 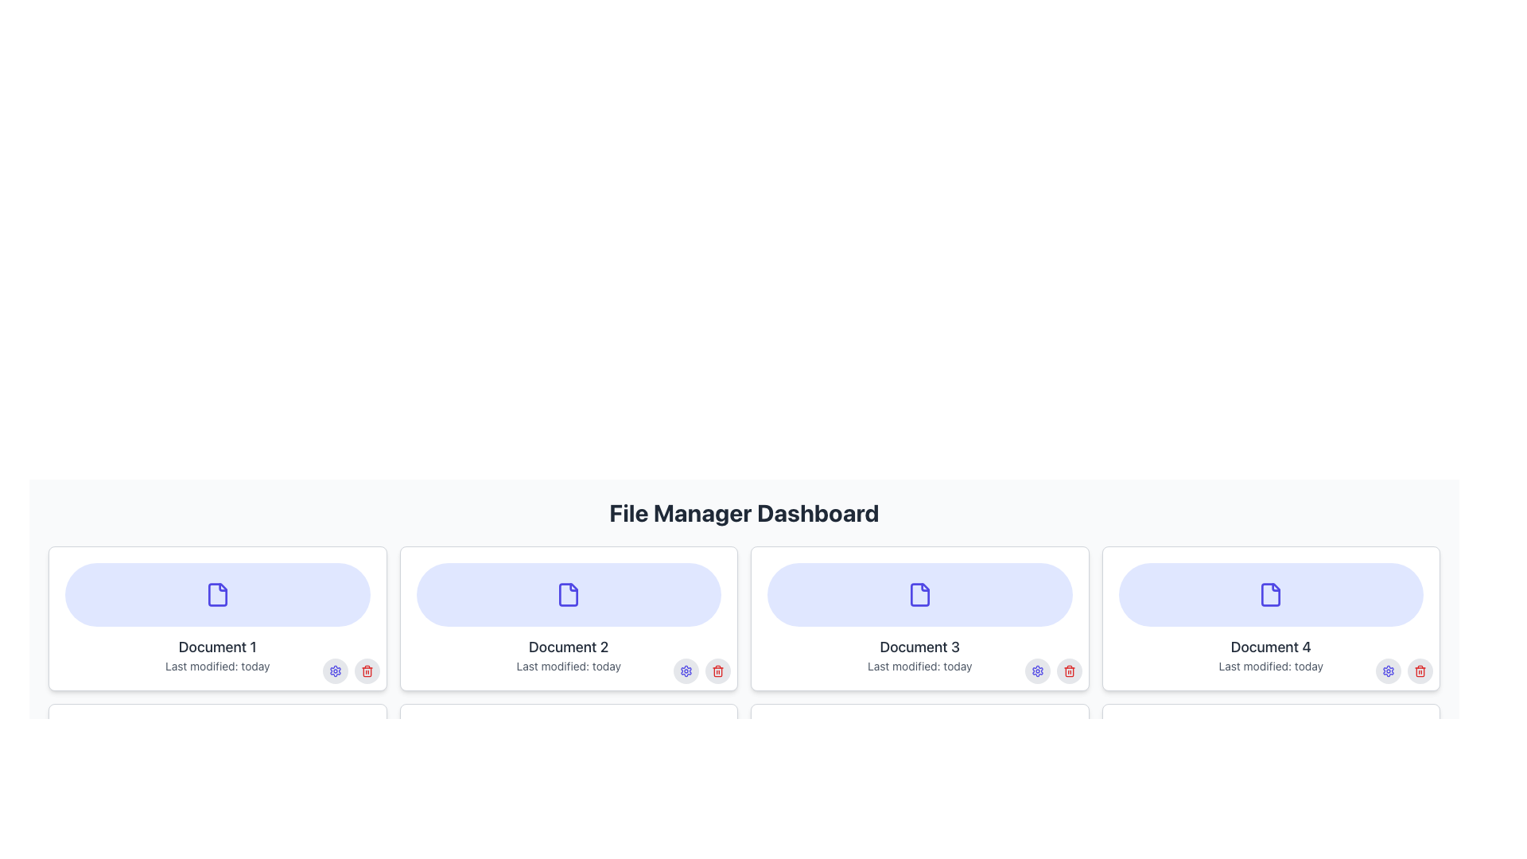 What do you see at coordinates (1388, 671) in the screenshot?
I see `the gear-like icon representing settings, which is located within the control area of 'Document 4'` at bounding box center [1388, 671].